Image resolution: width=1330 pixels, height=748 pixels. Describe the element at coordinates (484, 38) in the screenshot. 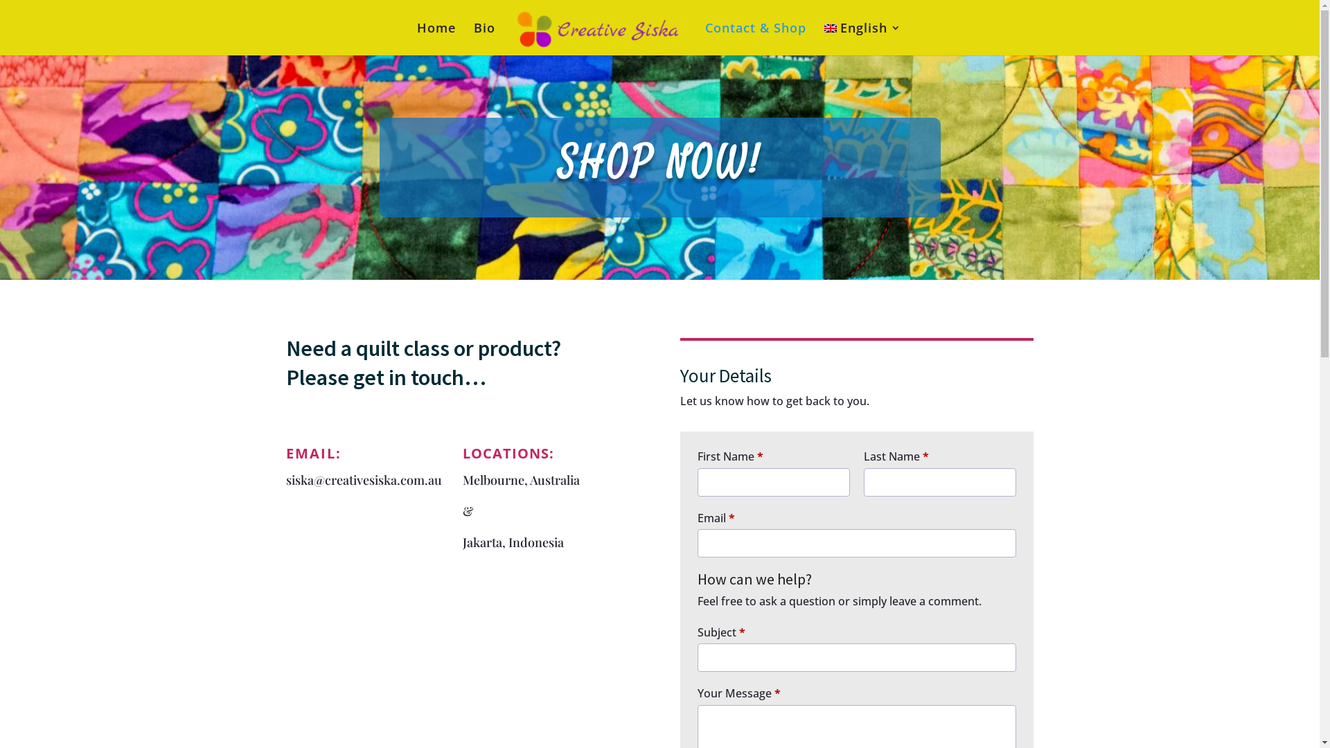

I see `'Bio'` at that location.